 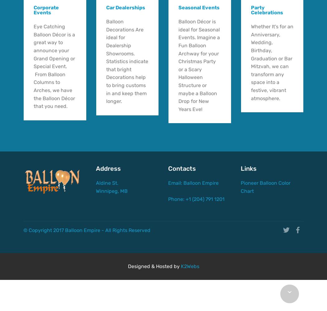 What do you see at coordinates (199, 65) in the screenshot?
I see `'Balloon Décor is ideal for Seasonal Events. Imagine a Fun Balloon Archway for your Christmas Party or a Scary Halloween Structure or maybe a Balloon Drop for New Years Eve!'` at bounding box center [199, 65].